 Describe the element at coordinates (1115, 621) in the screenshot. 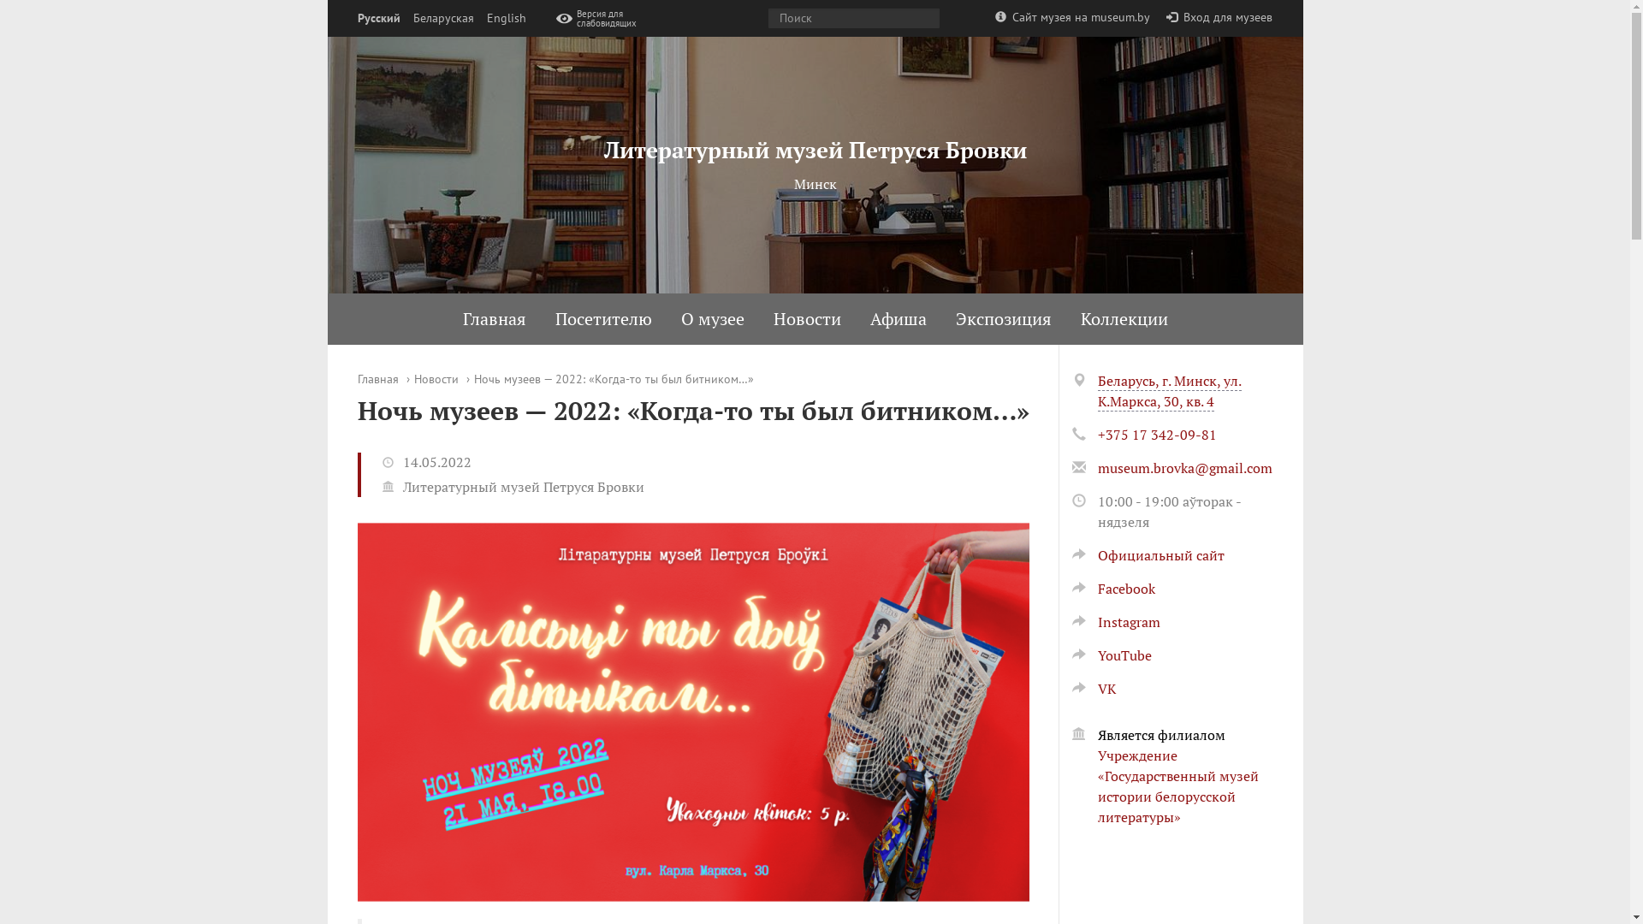

I see `'Instagram'` at that location.